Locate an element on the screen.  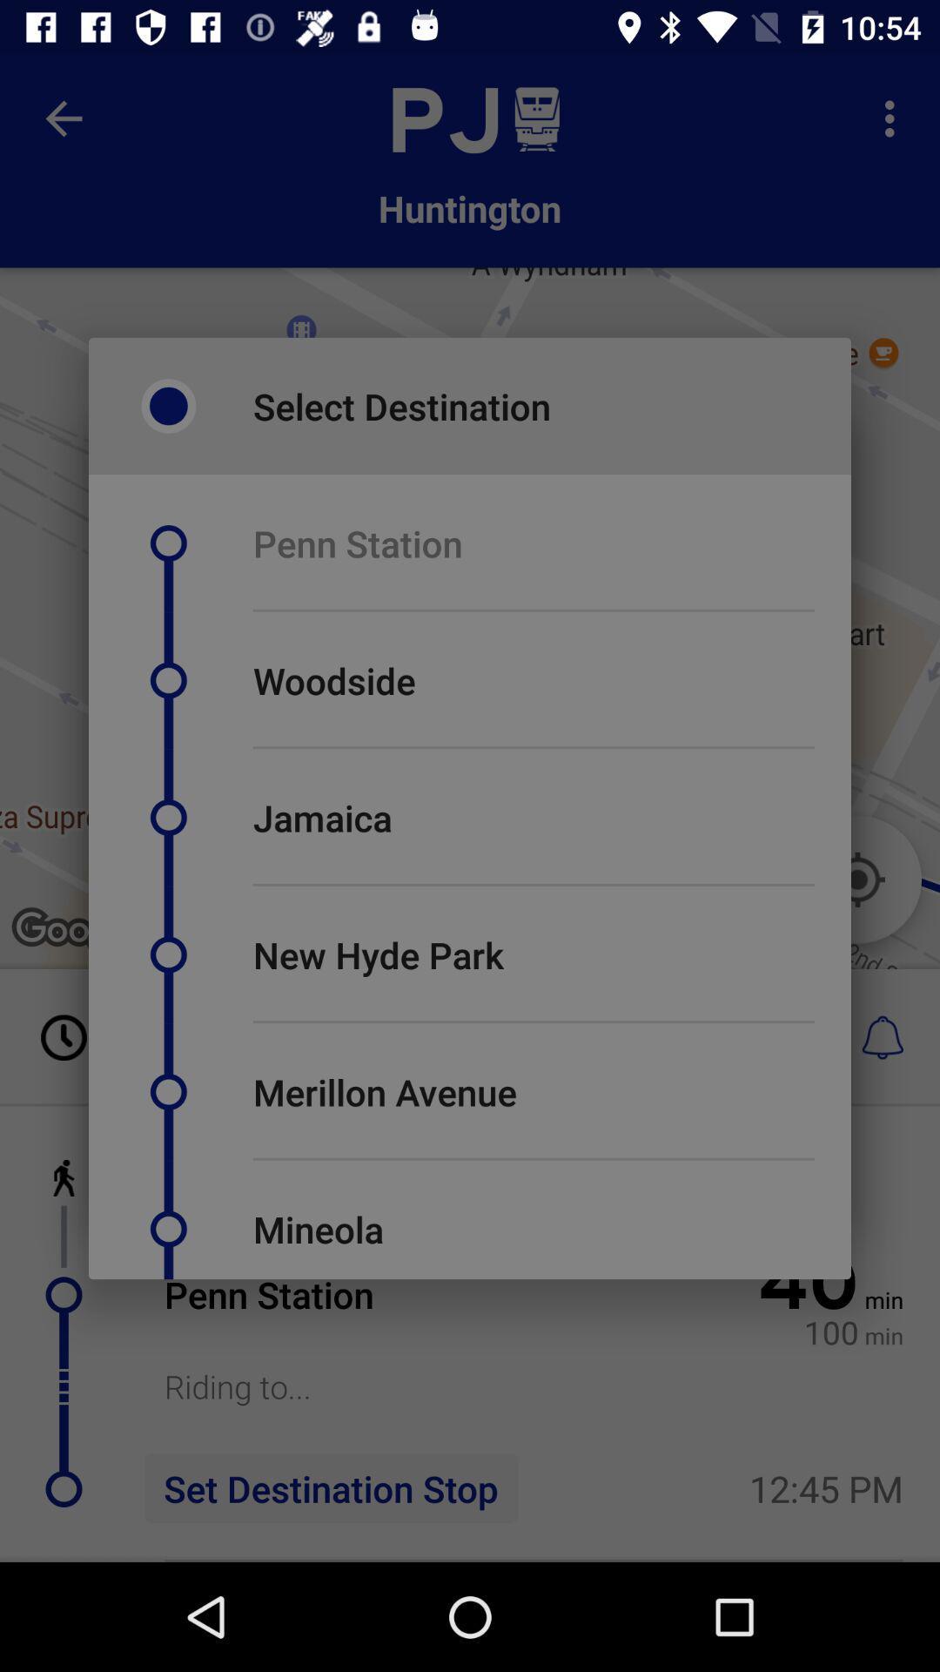
merillon avenue is located at coordinates (384, 1090).